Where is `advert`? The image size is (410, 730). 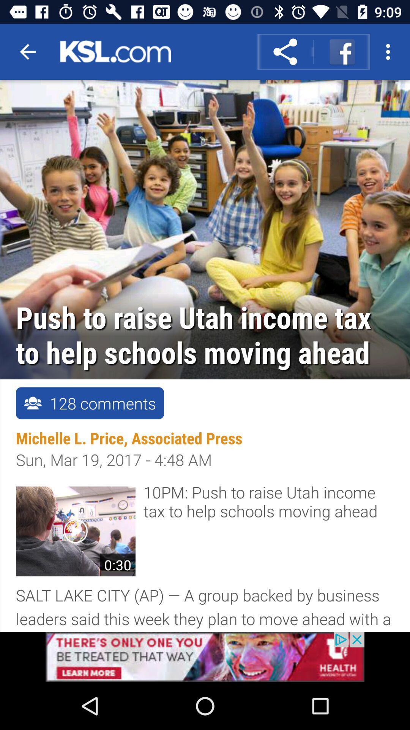 advert is located at coordinates (205, 657).